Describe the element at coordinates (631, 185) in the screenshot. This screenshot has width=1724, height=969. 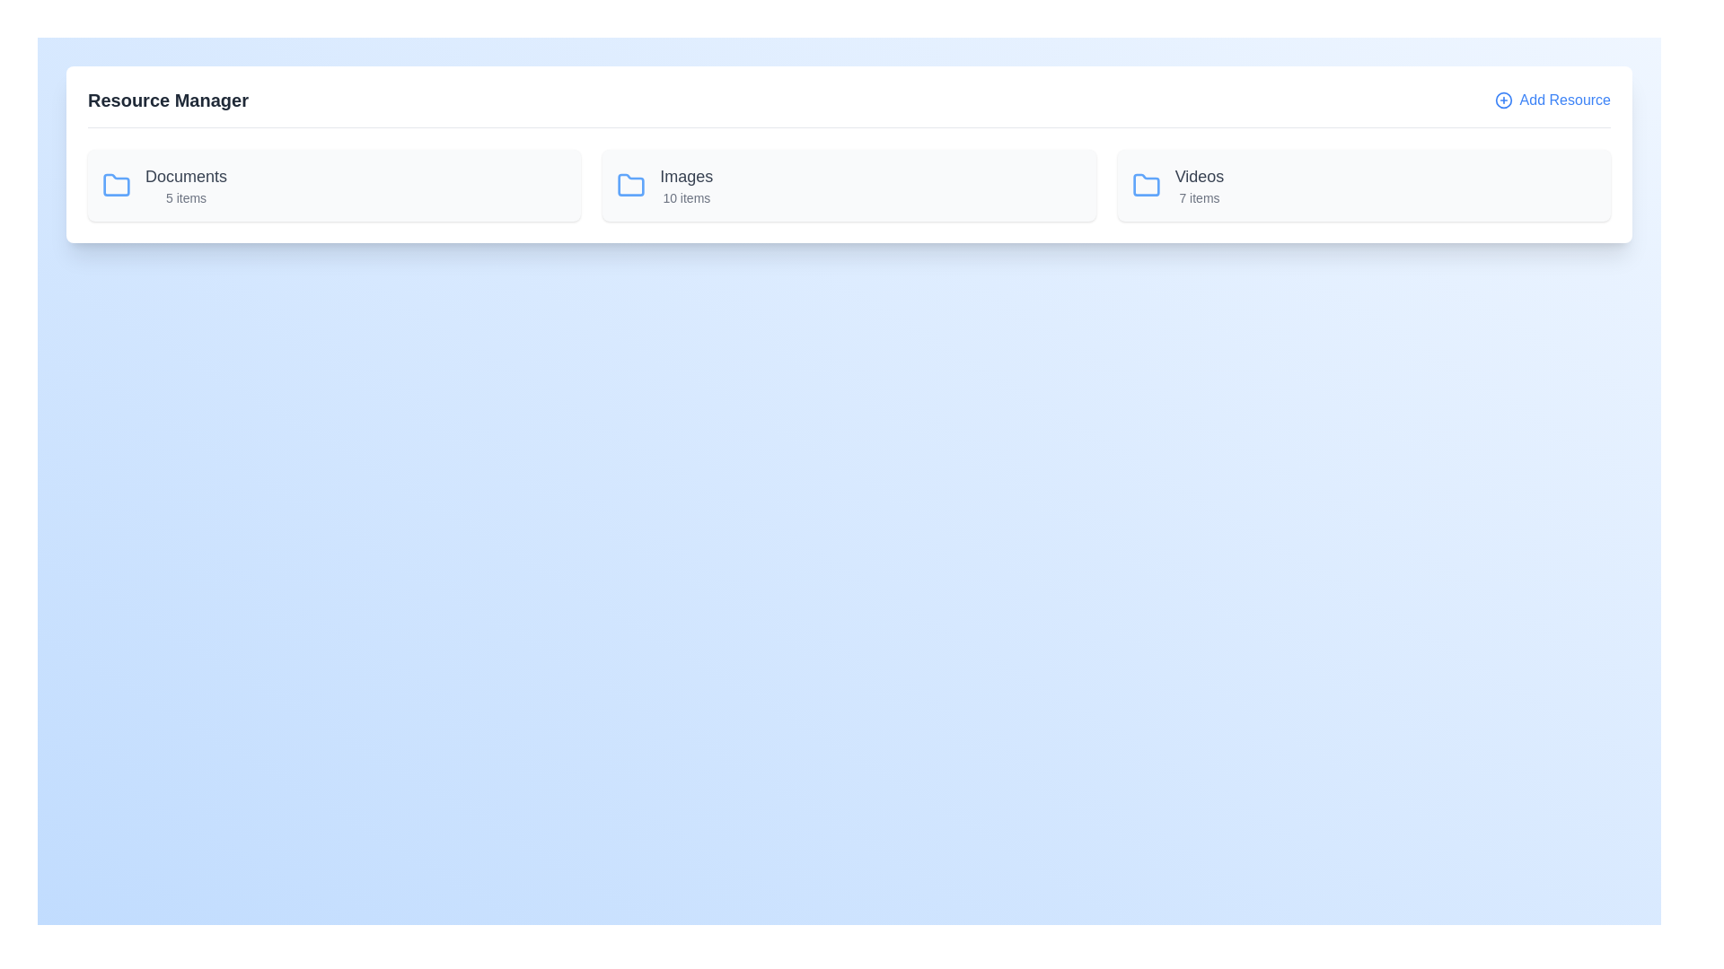
I see `the 'Images' graphical icon, which represents the 'Images' category and is located in the second position of the horizontal card layout` at that location.